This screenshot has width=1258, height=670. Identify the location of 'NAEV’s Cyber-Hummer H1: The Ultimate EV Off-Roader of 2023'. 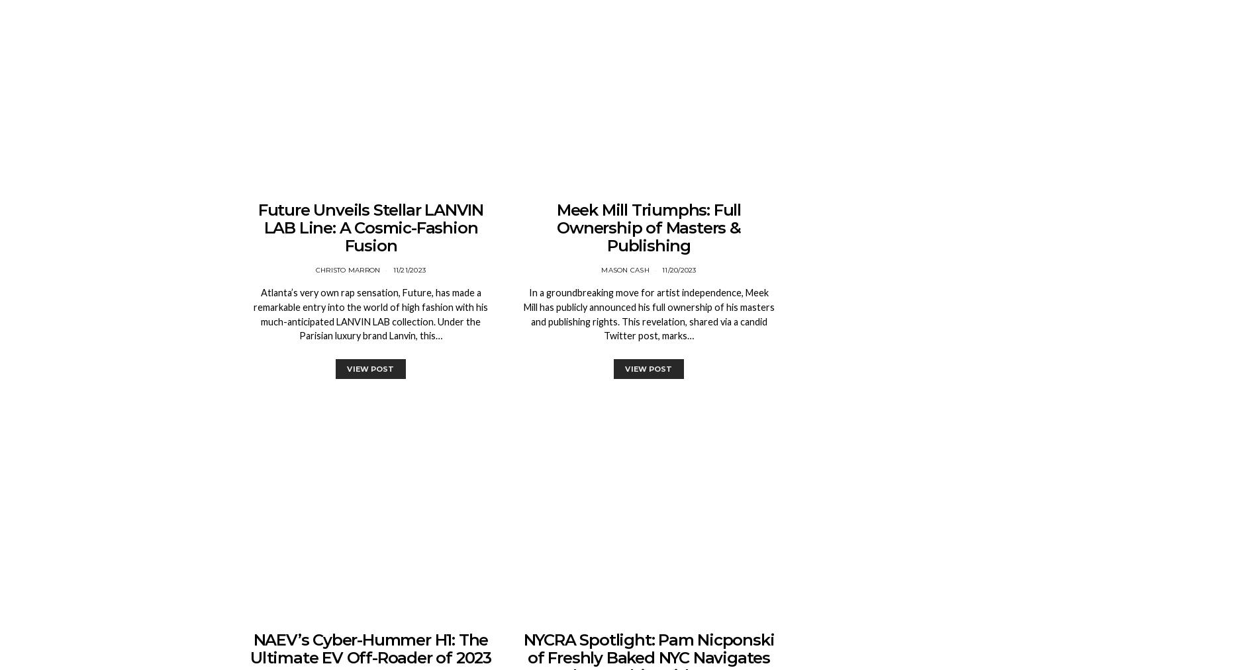
(370, 648).